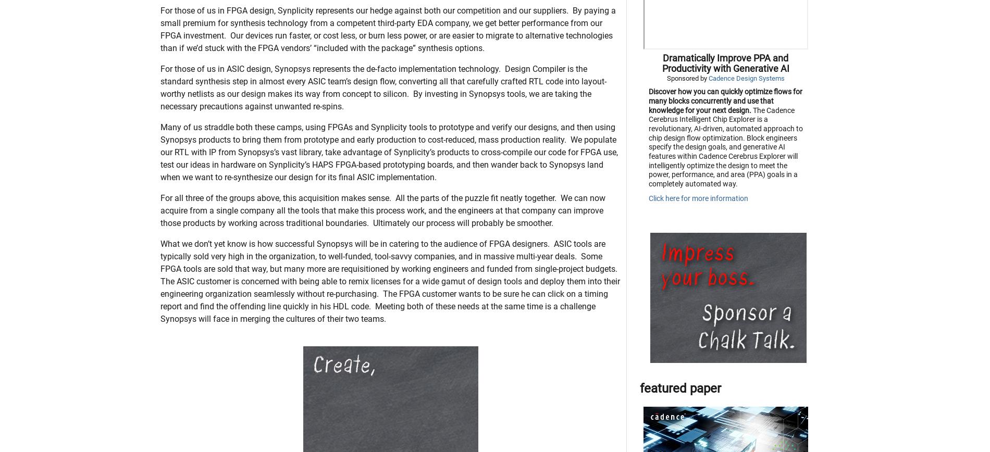  What do you see at coordinates (724, 198) in the screenshot?
I see `'The Cadence Cerebrus Intelligent Chip Explorer is a revolutionary, AI-driven, automated approach to chip design flow optimization. Block engineers specify the design goals, and generative AI features within Cadence Cerebrus Explorer will intelligently optimize the design to meet the power, performance, and area (PPA) goals in a completely automated way.'` at bounding box center [724, 198].